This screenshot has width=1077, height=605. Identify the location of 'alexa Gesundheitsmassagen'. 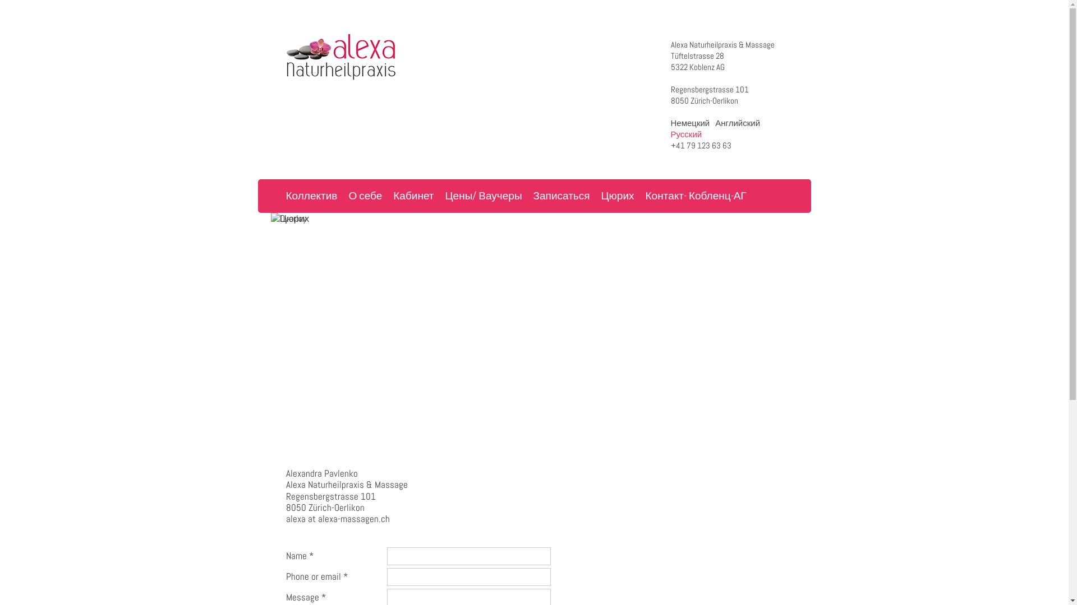
(286, 57).